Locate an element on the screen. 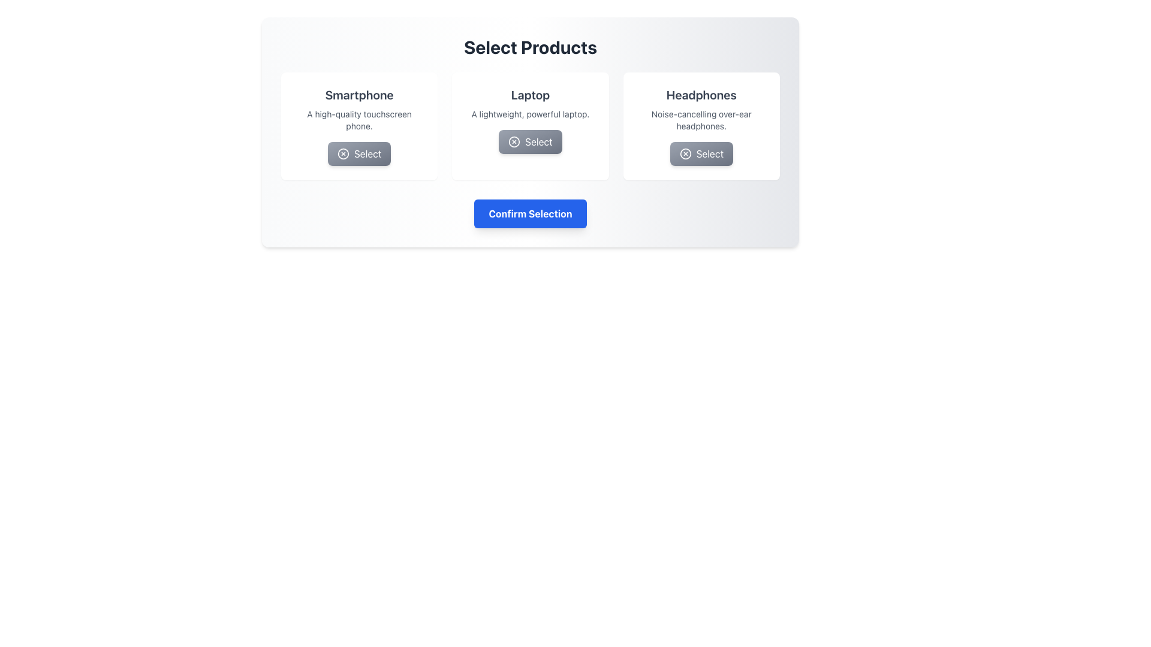  the static text describing the product 'Headphones', which is located in the third product card, positioned below the title and above the 'Select' button is located at coordinates (701, 120).